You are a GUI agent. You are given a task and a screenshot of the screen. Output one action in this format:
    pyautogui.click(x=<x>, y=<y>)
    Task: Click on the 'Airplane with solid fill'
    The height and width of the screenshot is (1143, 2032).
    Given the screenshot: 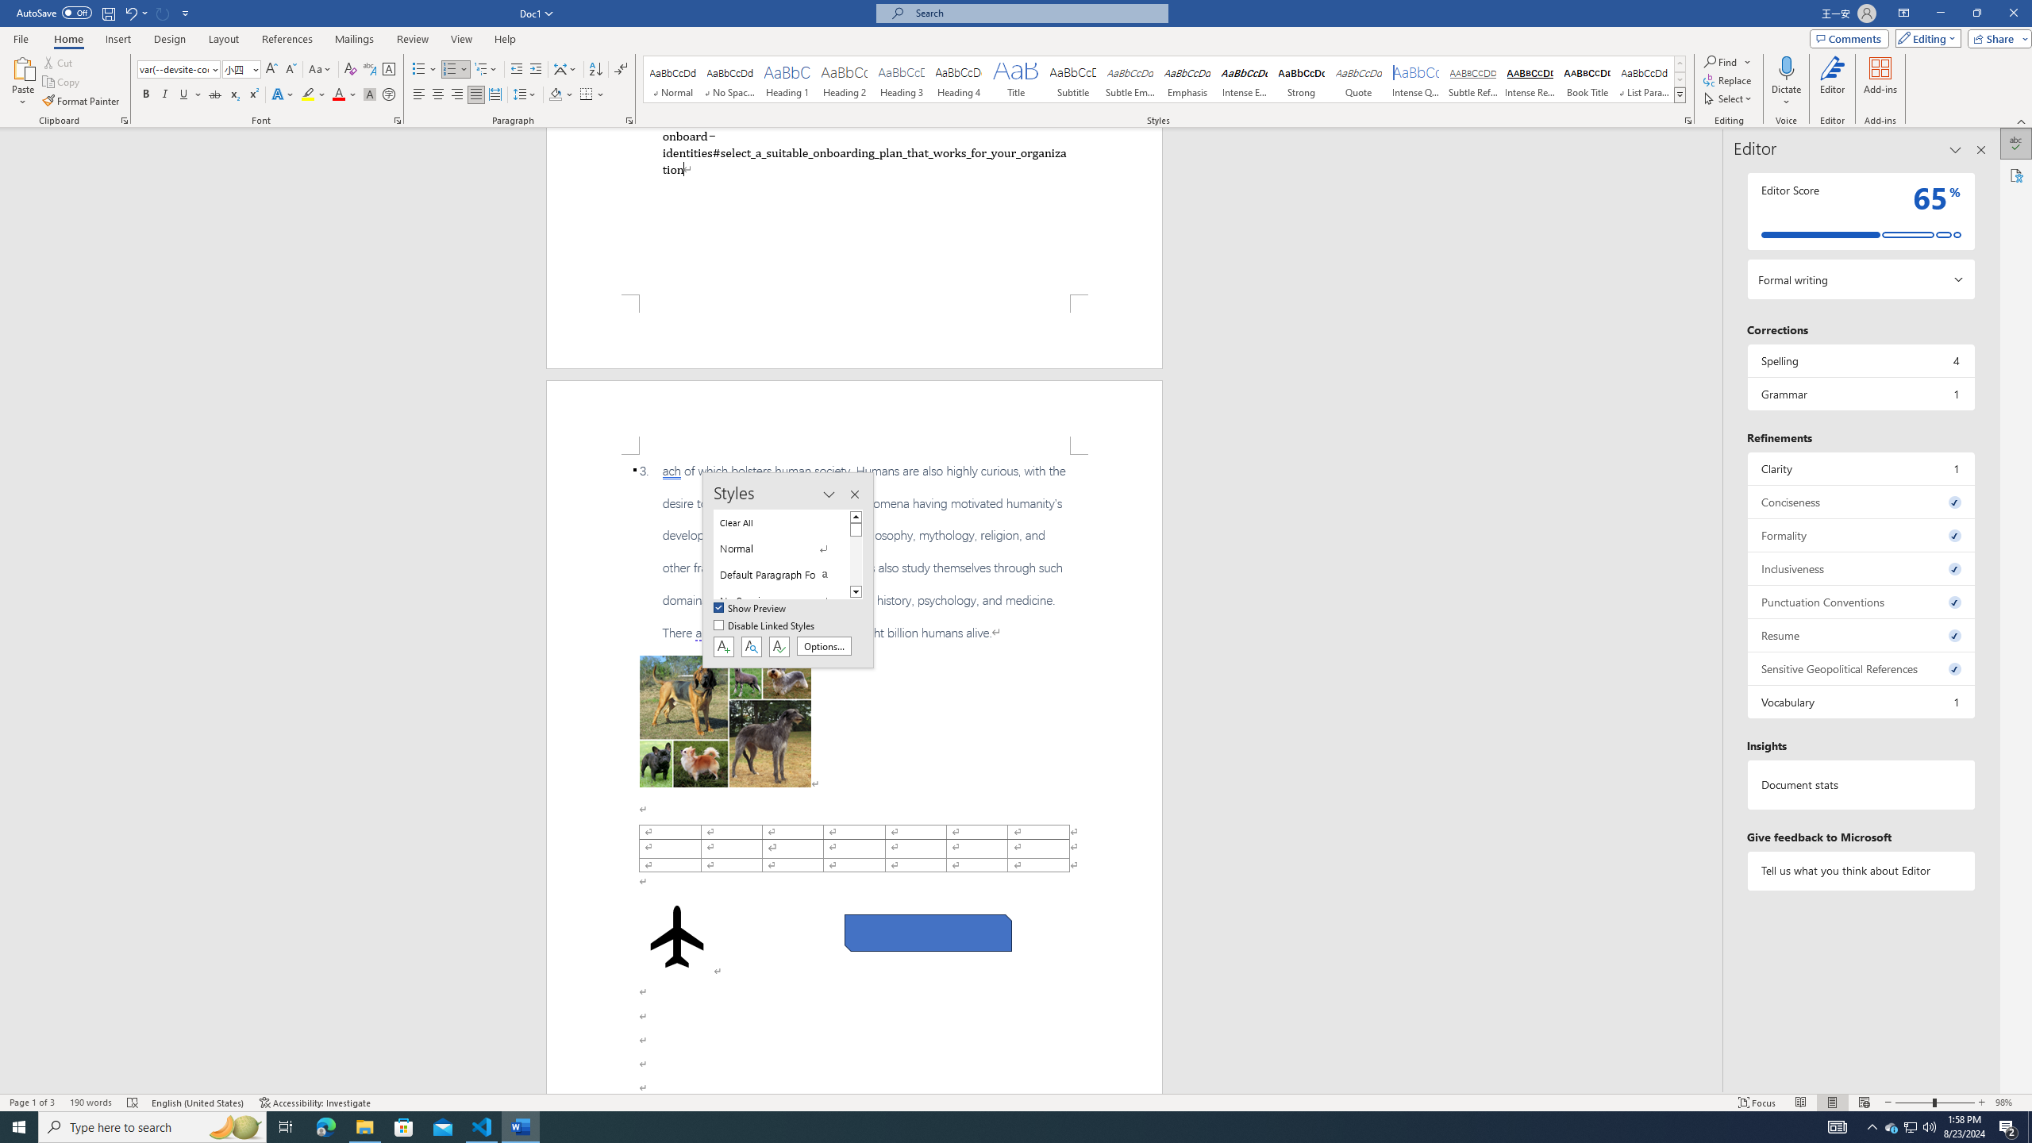 What is the action you would take?
    pyautogui.click(x=676, y=936)
    